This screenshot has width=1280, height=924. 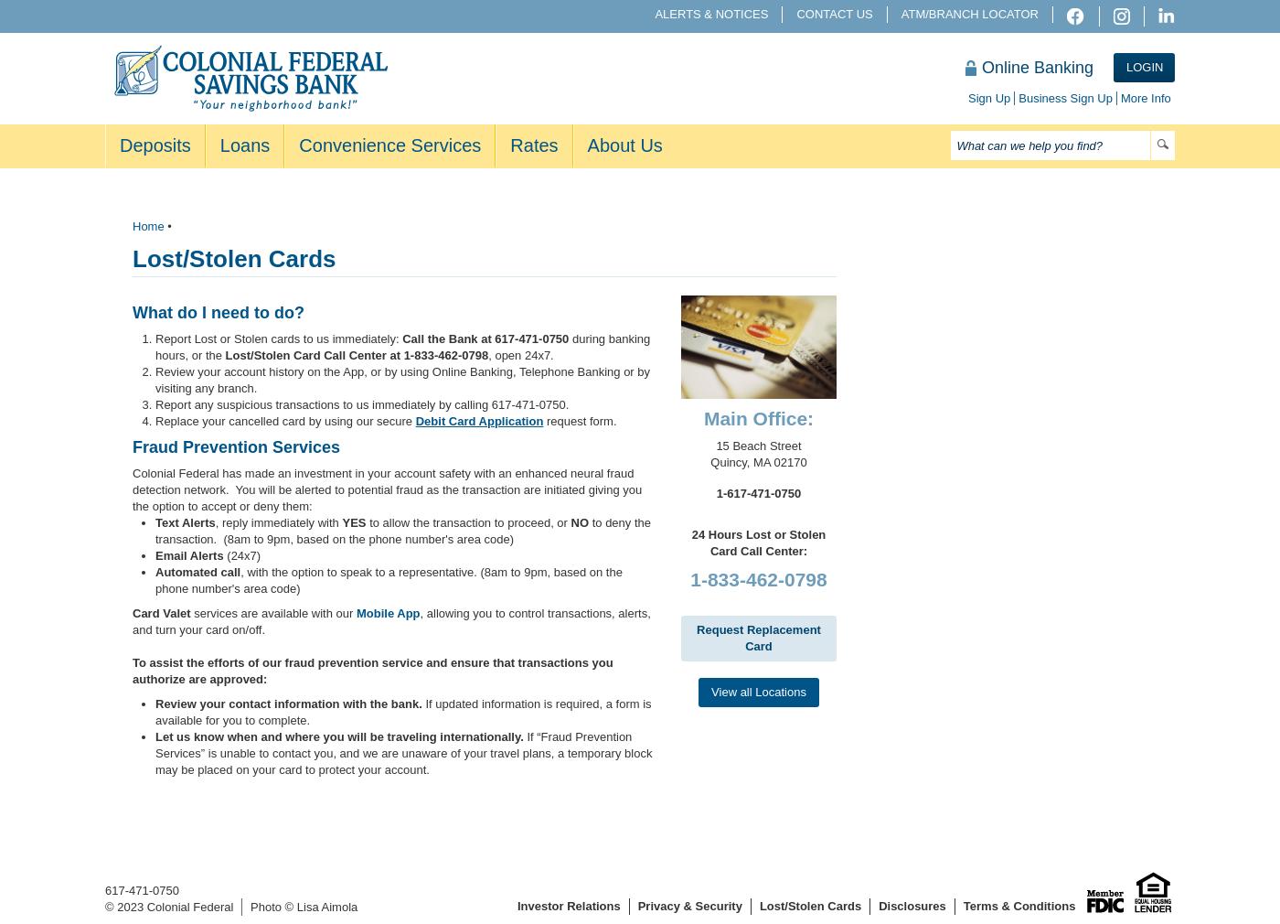 I want to click on '24 Hours Lost or Stolen Card Call Center:', so click(x=758, y=542).